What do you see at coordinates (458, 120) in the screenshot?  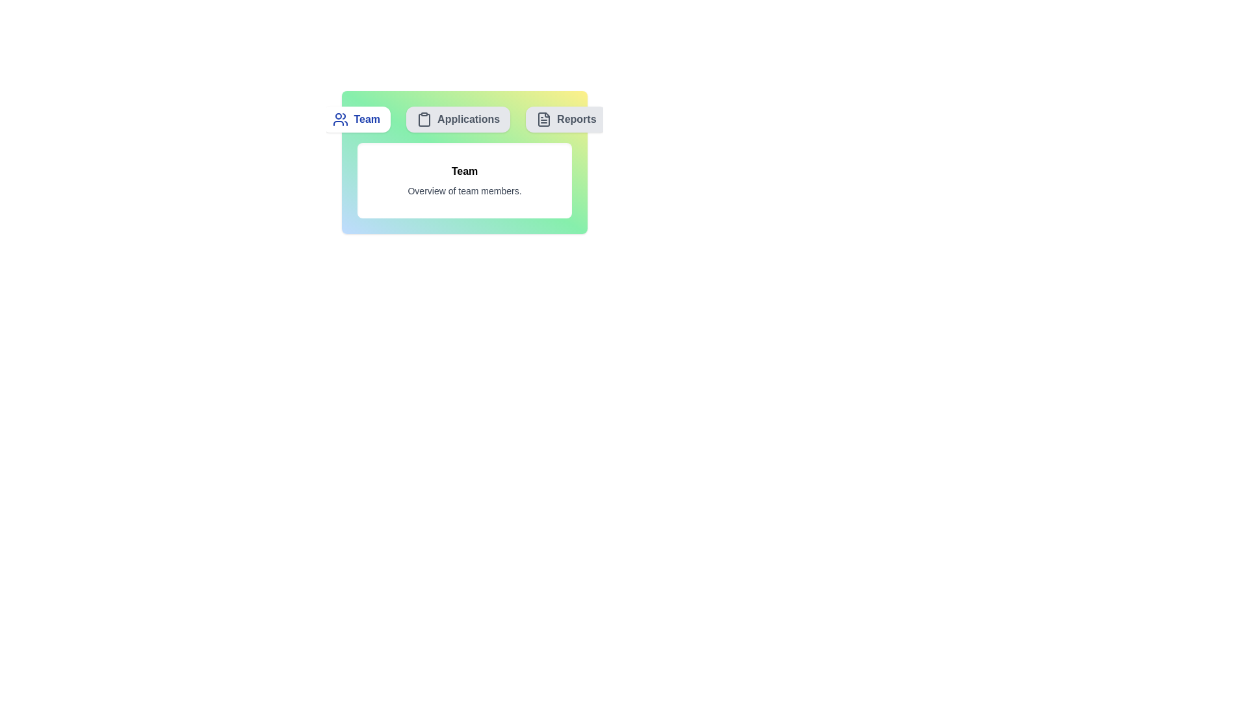 I see `the Applications tab by clicking on its button` at bounding box center [458, 120].